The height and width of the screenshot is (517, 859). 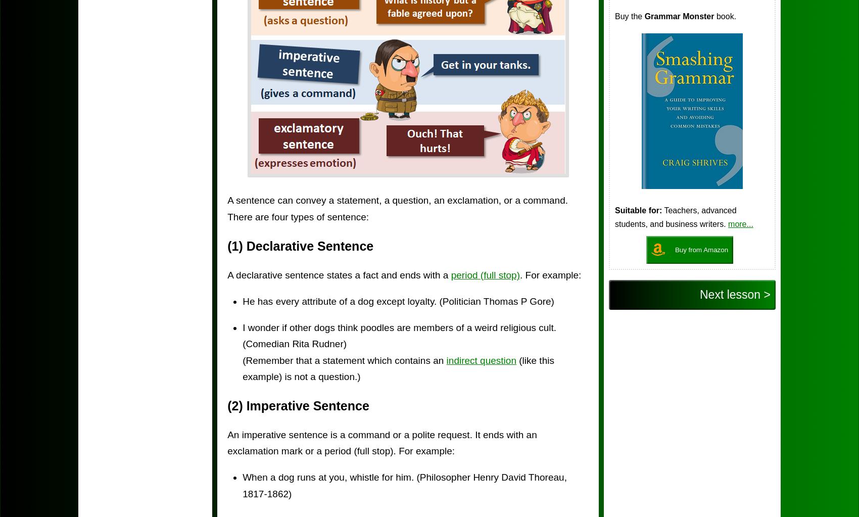 I want to click on '. For example:', so click(x=518, y=274).